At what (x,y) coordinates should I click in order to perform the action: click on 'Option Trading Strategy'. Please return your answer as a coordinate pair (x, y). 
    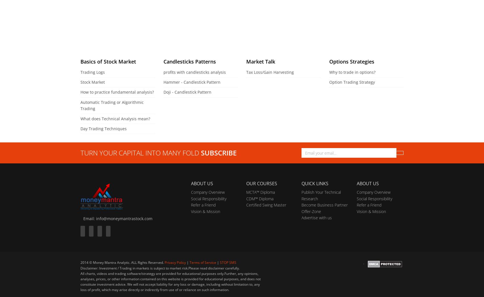
    Looking at the image, I should click on (329, 82).